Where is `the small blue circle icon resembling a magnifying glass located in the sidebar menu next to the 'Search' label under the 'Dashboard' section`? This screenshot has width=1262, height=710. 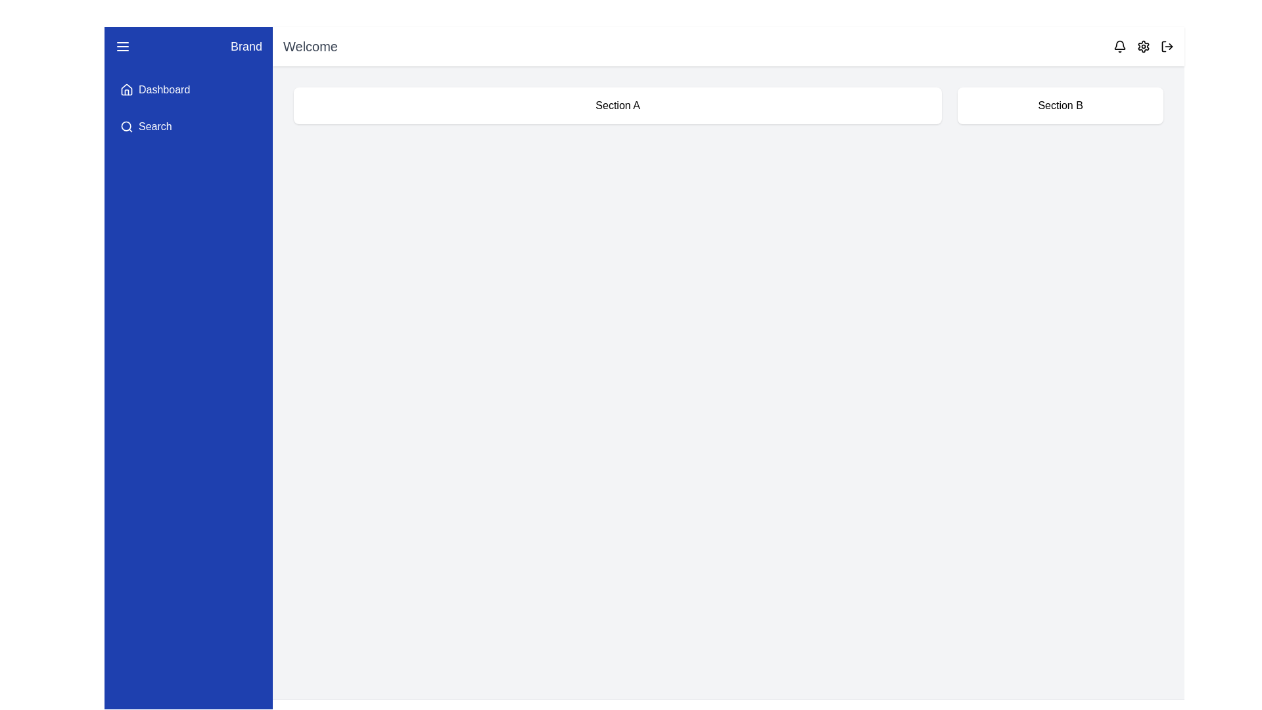 the small blue circle icon resembling a magnifying glass located in the sidebar menu next to the 'Search' label under the 'Dashboard' section is located at coordinates (126, 126).